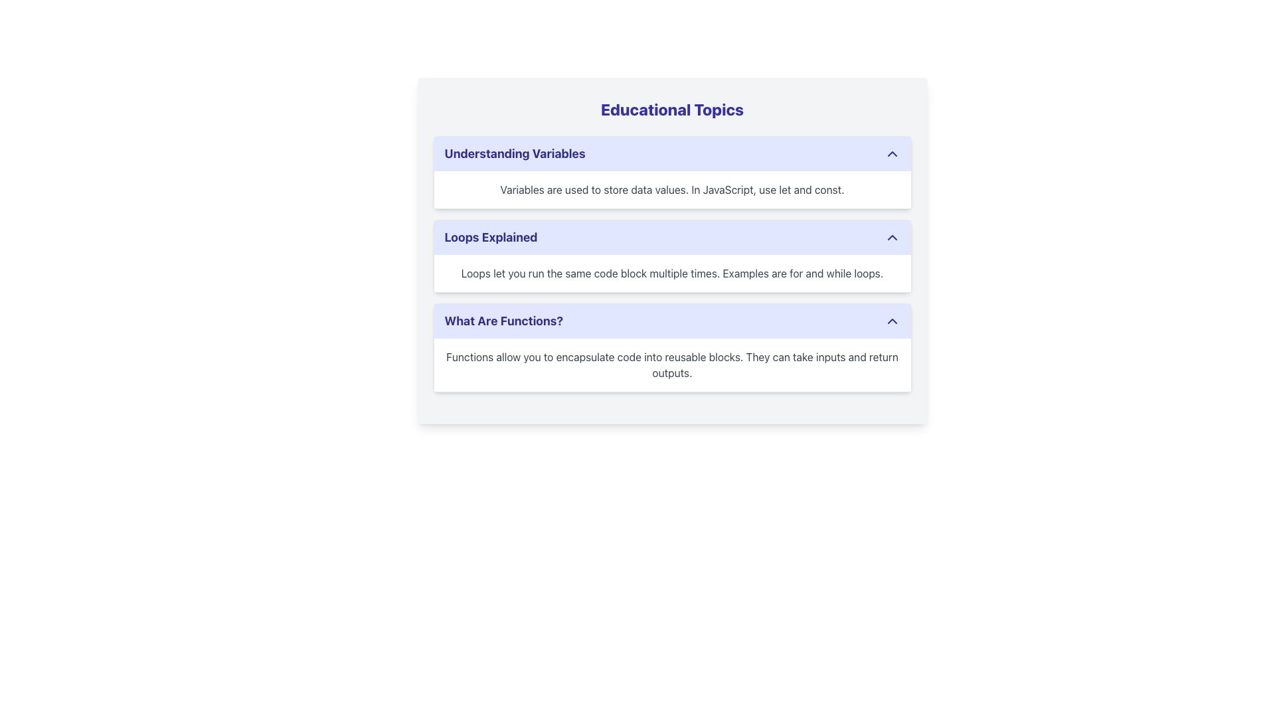  What do you see at coordinates (892, 153) in the screenshot?
I see `the upward-pointing indigo chevron icon located in the top-right corner of the 'Understanding Variables' section` at bounding box center [892, 153].